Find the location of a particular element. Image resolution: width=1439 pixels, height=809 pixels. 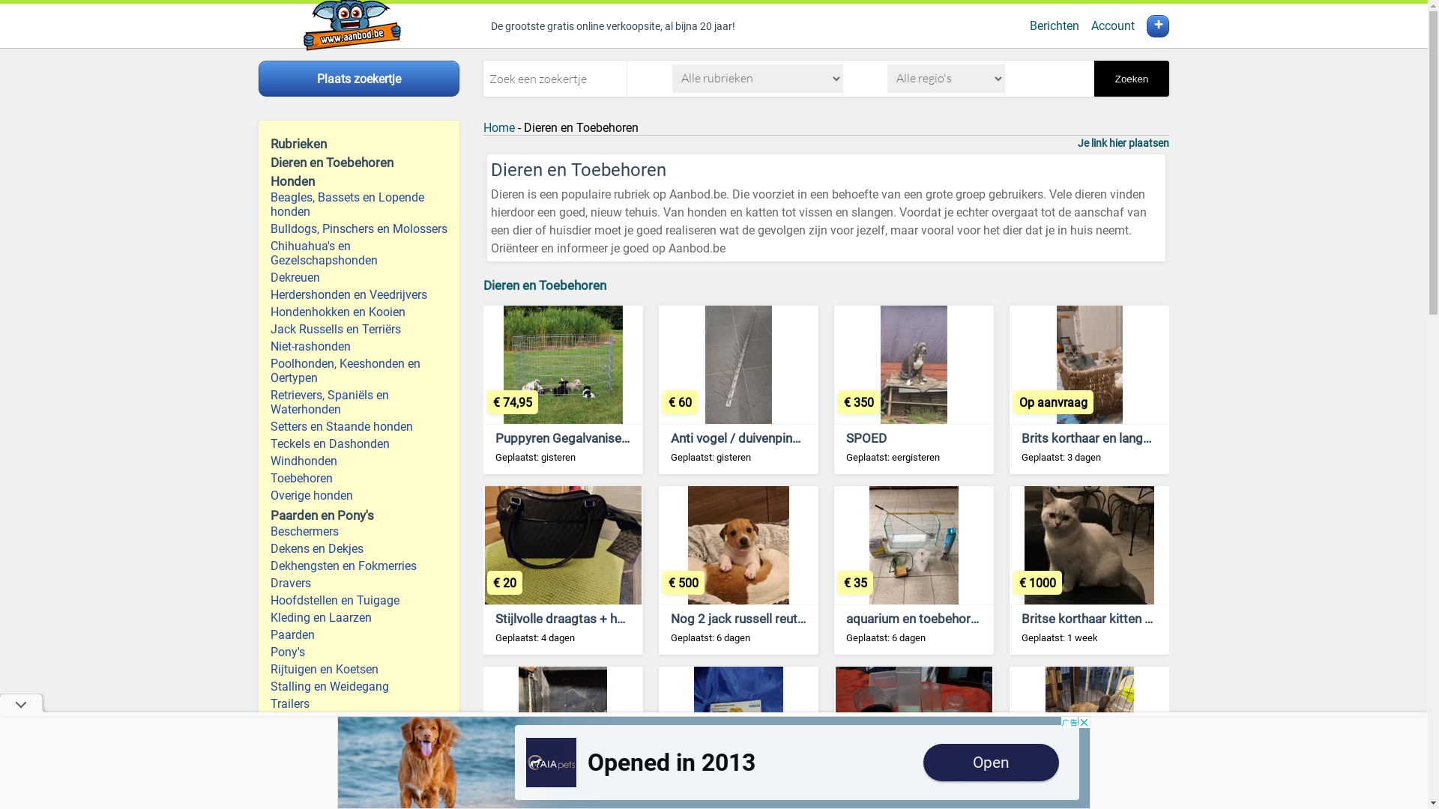

'Trailers' is located at coordinates (358, 703).